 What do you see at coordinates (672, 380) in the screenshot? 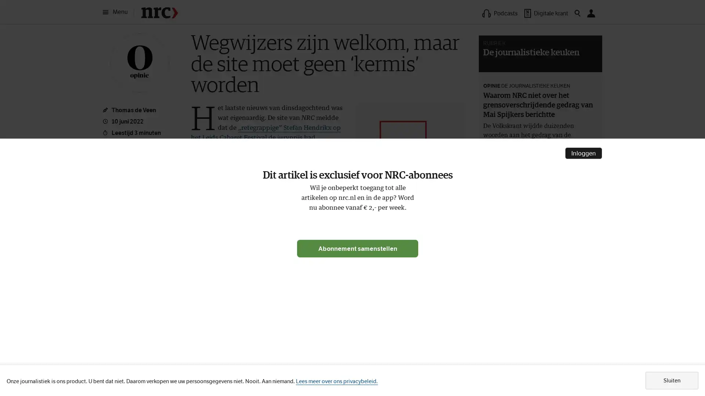
I see `Sluiten` at bounding box center [672, 380].